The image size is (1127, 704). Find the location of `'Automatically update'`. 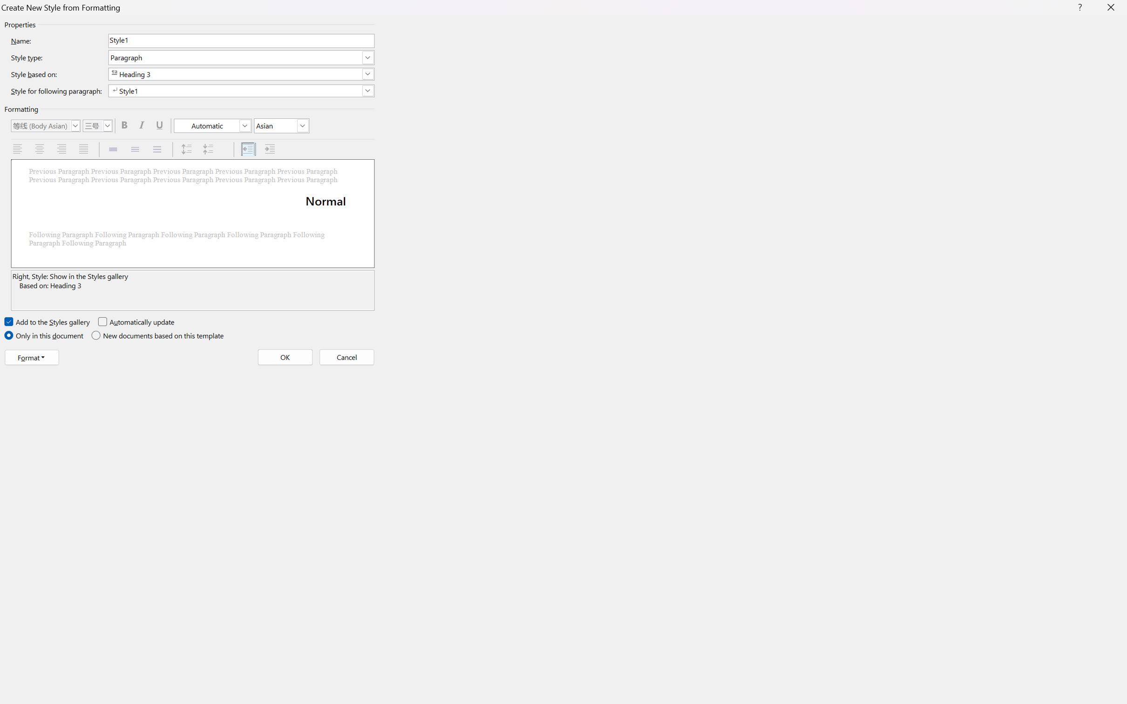

'Automatically update' is located at coordinates (137, 322).